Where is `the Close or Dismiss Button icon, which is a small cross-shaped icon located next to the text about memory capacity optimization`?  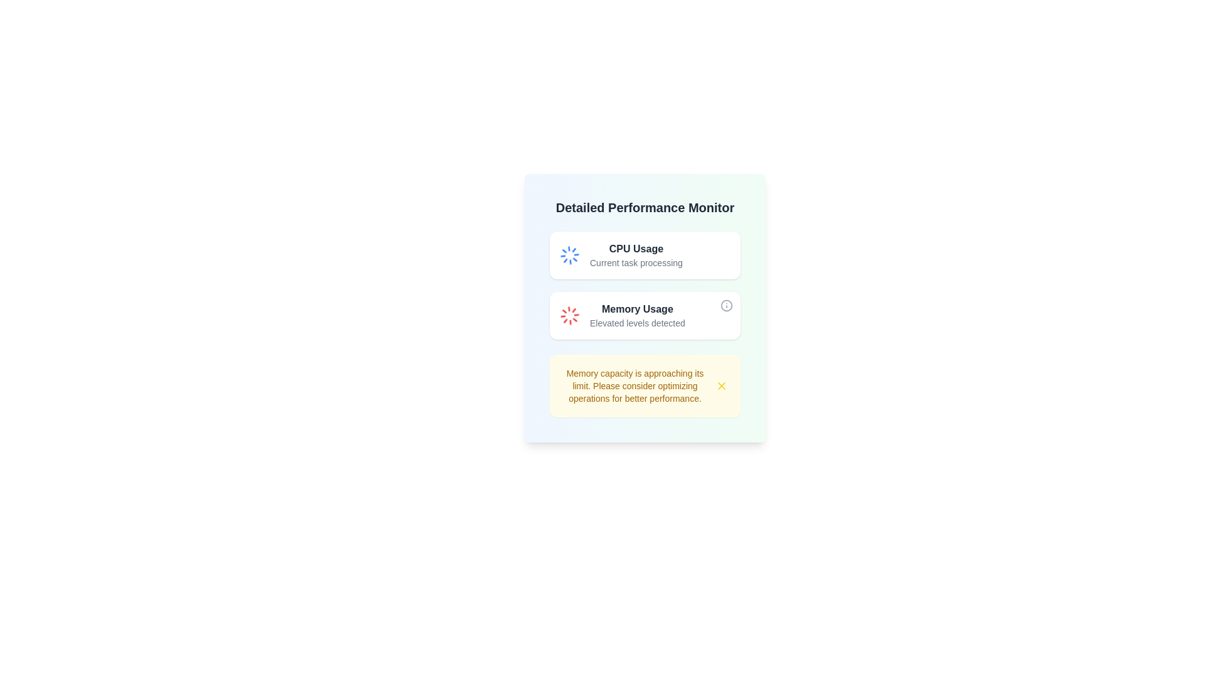
the Close or Dismiss Button icon, which is a small cross-shaped icon located next to the text about memory capacity optimization is located at coordinates (722, 385).